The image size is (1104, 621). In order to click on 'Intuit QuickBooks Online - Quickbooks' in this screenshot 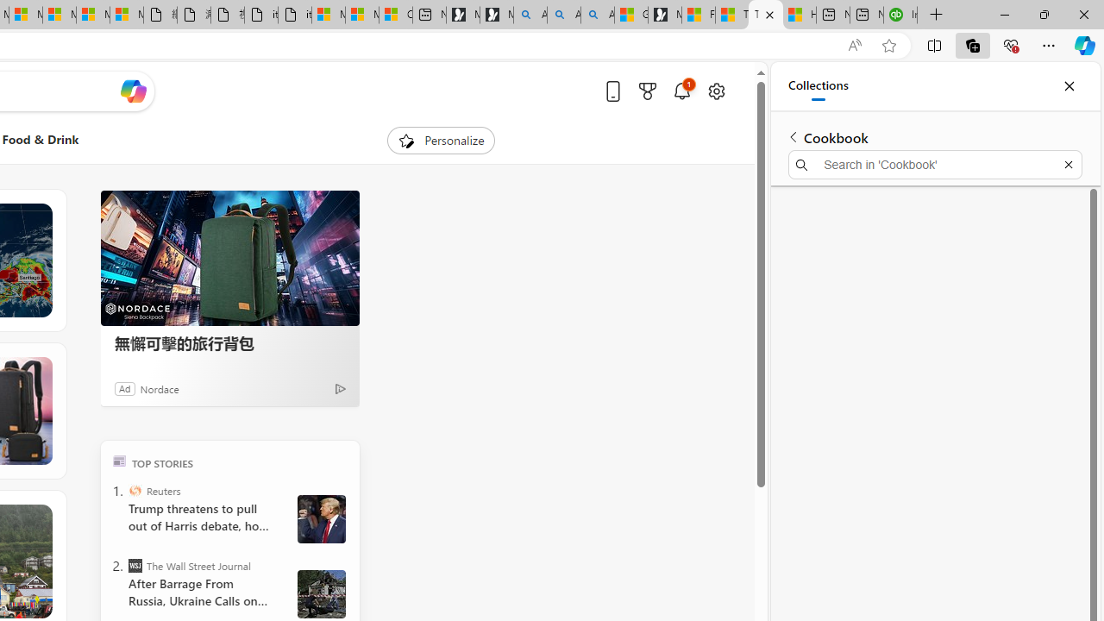, I will do `click(900, 15)`.